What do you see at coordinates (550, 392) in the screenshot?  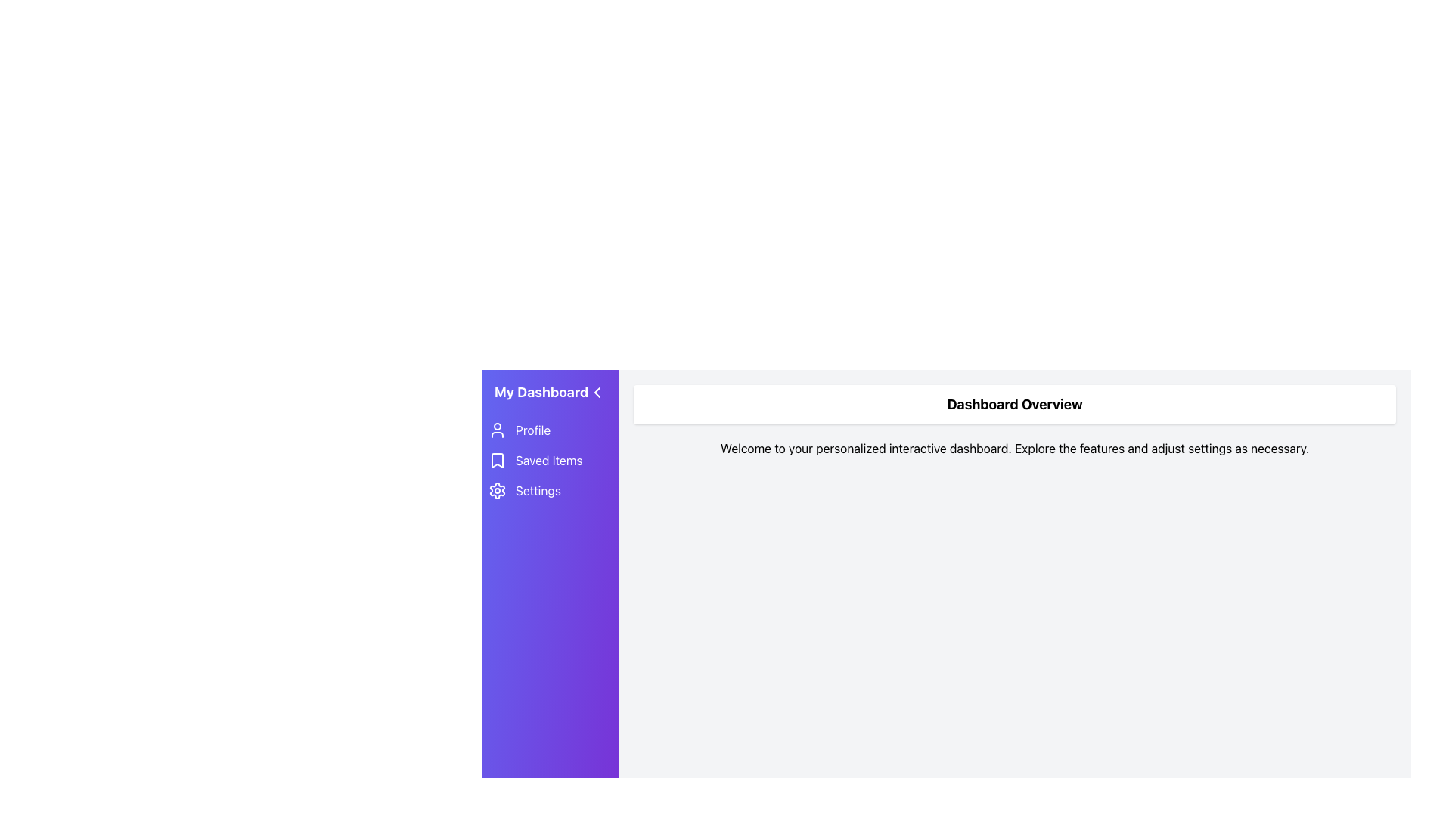 I see `the arrow icon in the Navigation header located at the top-left corner of the vertical sidebar` at bounding box center [550, 392].